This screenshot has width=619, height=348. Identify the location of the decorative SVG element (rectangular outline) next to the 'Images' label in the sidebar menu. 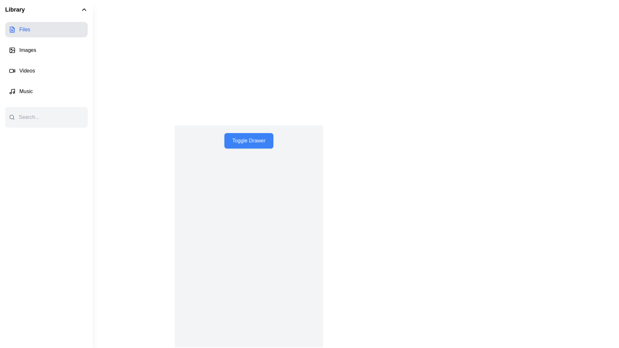
(12, 50).